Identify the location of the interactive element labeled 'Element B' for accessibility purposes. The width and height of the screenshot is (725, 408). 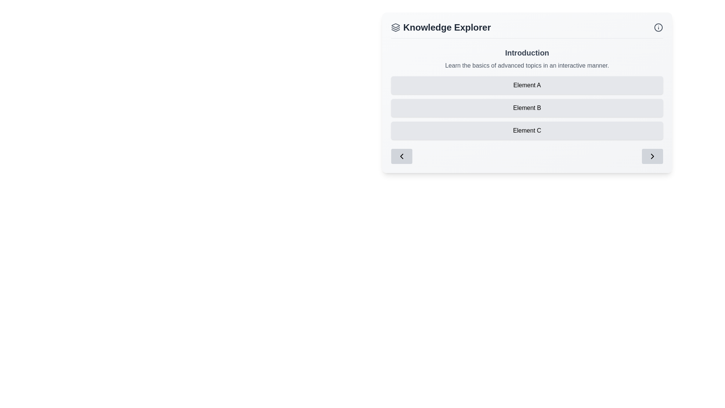
(527, 108).